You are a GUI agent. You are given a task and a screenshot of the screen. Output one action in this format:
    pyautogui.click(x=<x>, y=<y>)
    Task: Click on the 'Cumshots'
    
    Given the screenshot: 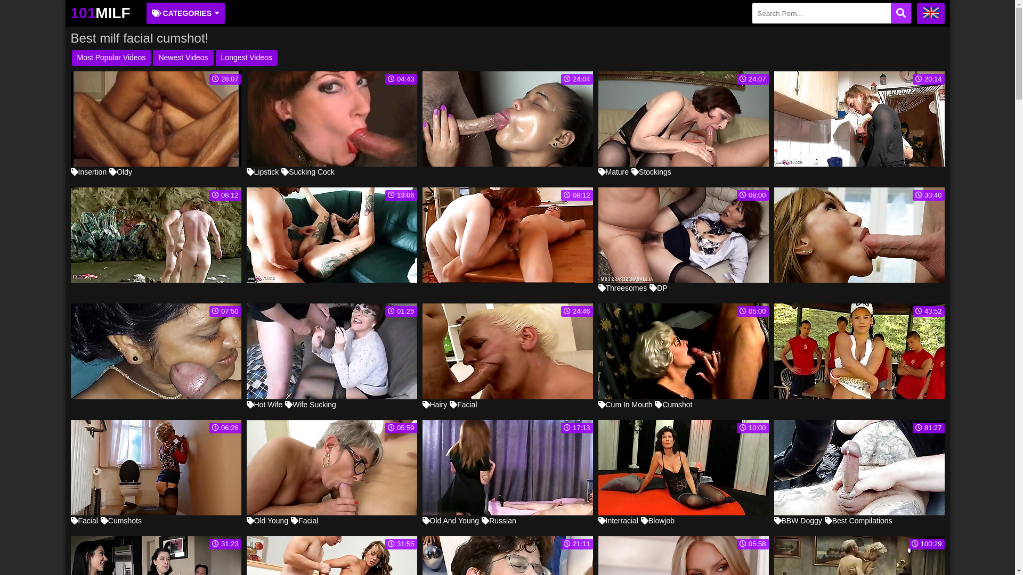 What is the action you would take?
    pyautogui.click(x=121, y=520)
    